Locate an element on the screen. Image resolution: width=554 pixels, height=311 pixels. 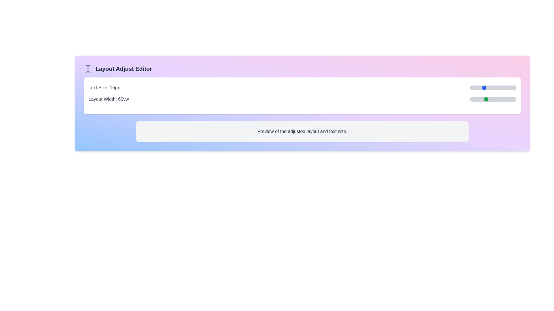
the layout width is located at coordinates (481, 99).